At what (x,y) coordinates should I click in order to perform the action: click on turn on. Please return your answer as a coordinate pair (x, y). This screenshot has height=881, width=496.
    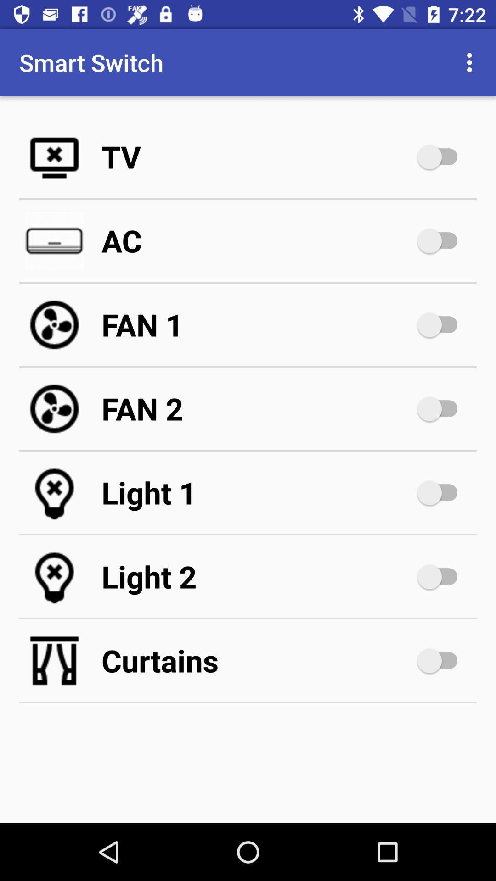
    Looking at the image, I should click on (441, 156).